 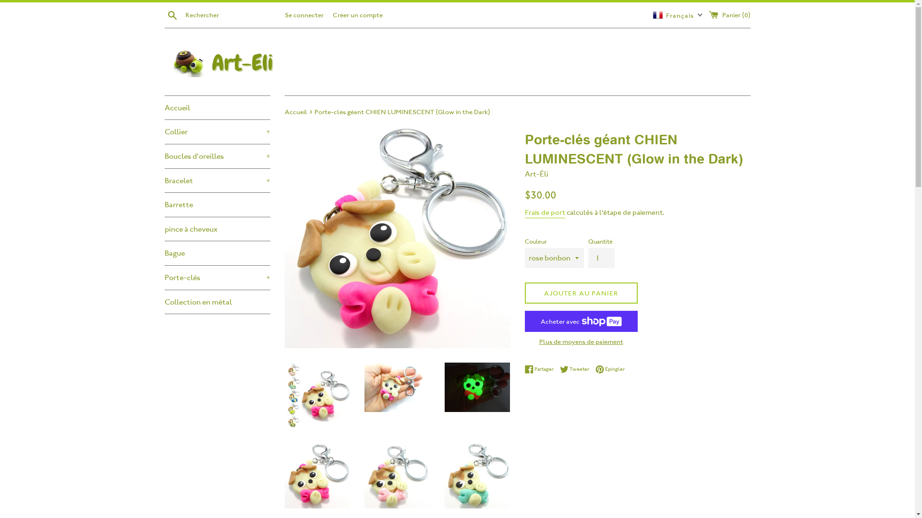 What do you see at coordinates (523, 293) in the screenshot?
I see `'AJOUTER AU PANIER'` at bounding box center [523, 293].